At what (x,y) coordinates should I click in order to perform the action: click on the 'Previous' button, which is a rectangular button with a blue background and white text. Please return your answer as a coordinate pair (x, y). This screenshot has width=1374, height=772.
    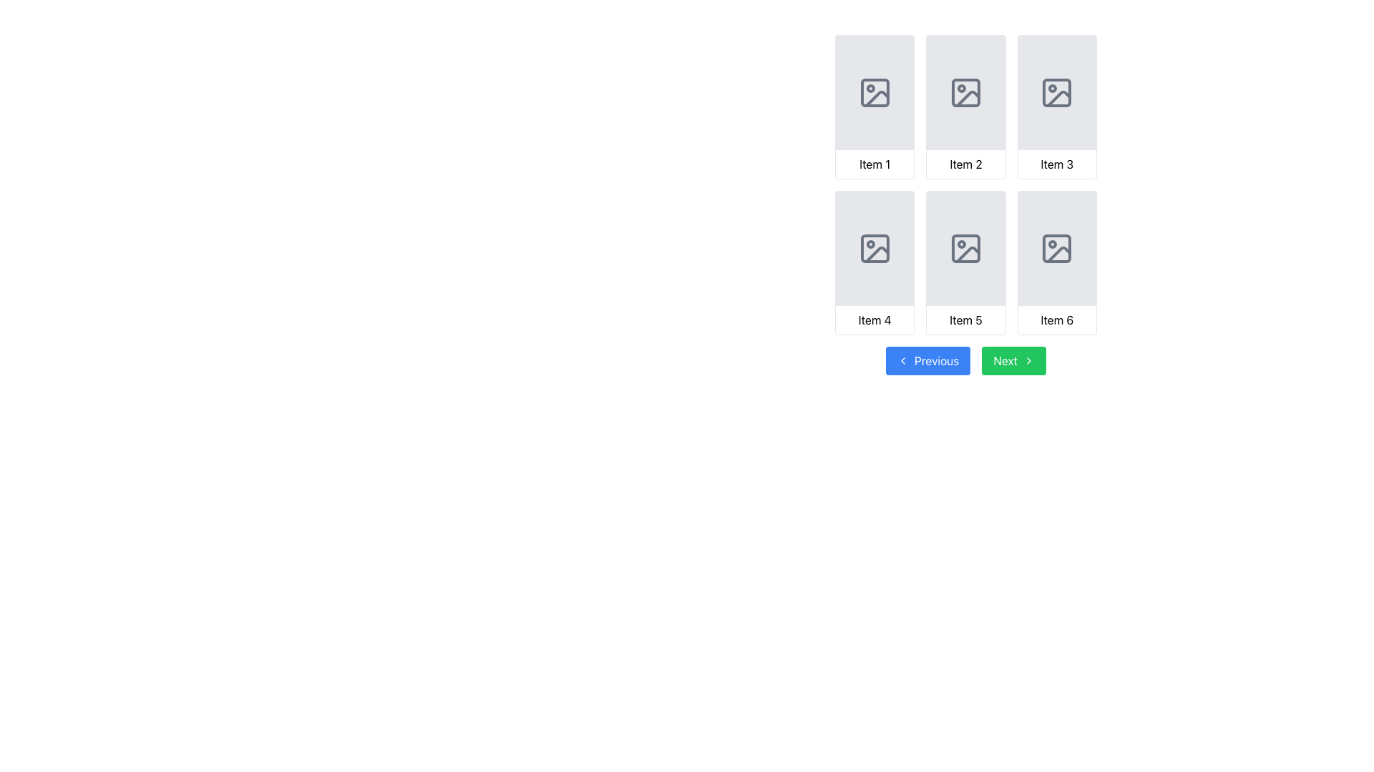
    Looking at the image, I should click on (927, 360).